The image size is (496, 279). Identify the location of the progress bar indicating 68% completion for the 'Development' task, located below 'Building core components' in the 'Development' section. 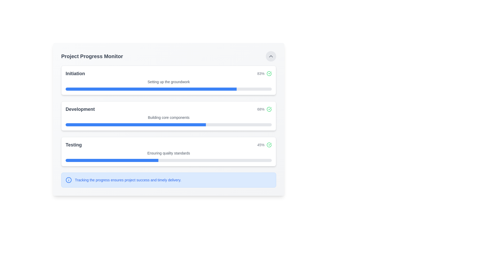
(168, 125).